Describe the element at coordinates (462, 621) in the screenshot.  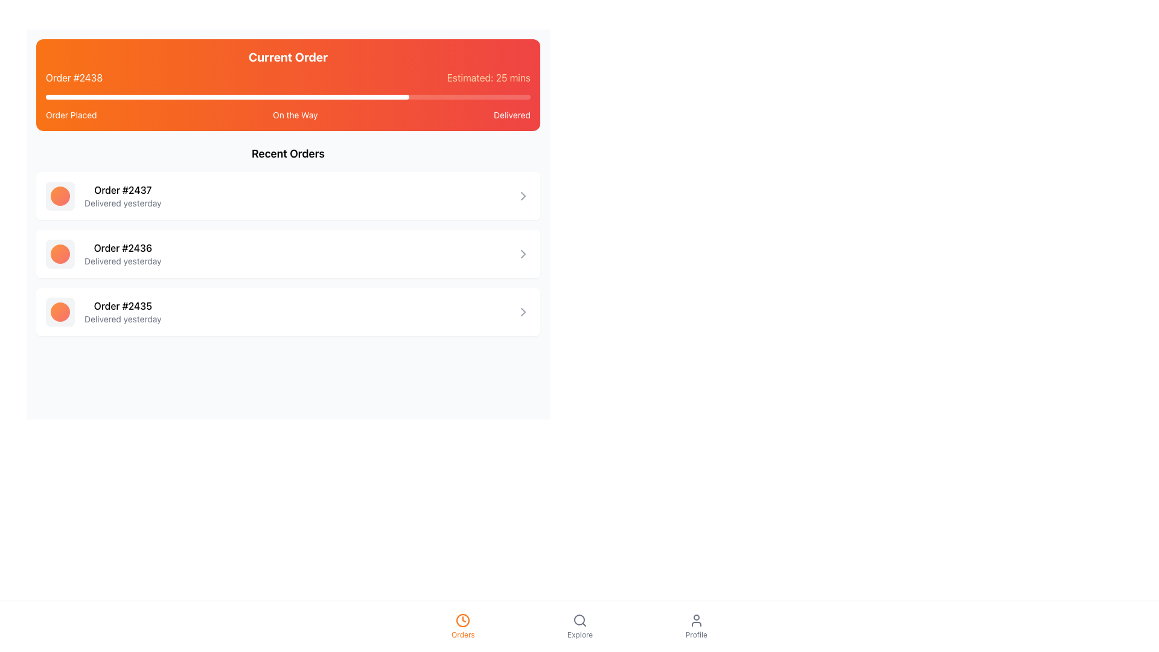
I see `the circular clock icon with a bright orange color located in the bottom navigation bar above the 'Orders' label` at that location.